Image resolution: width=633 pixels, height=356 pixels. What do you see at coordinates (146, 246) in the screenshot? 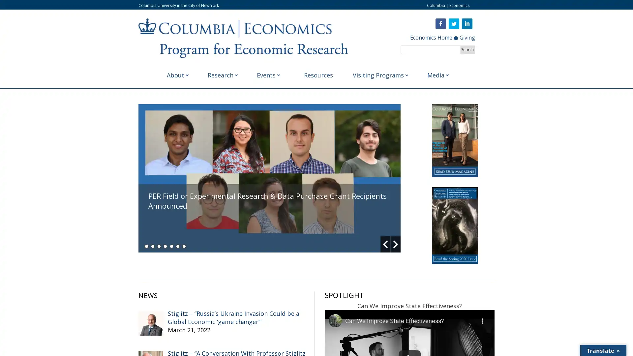
I see `1` at bounding box center [146, 246].